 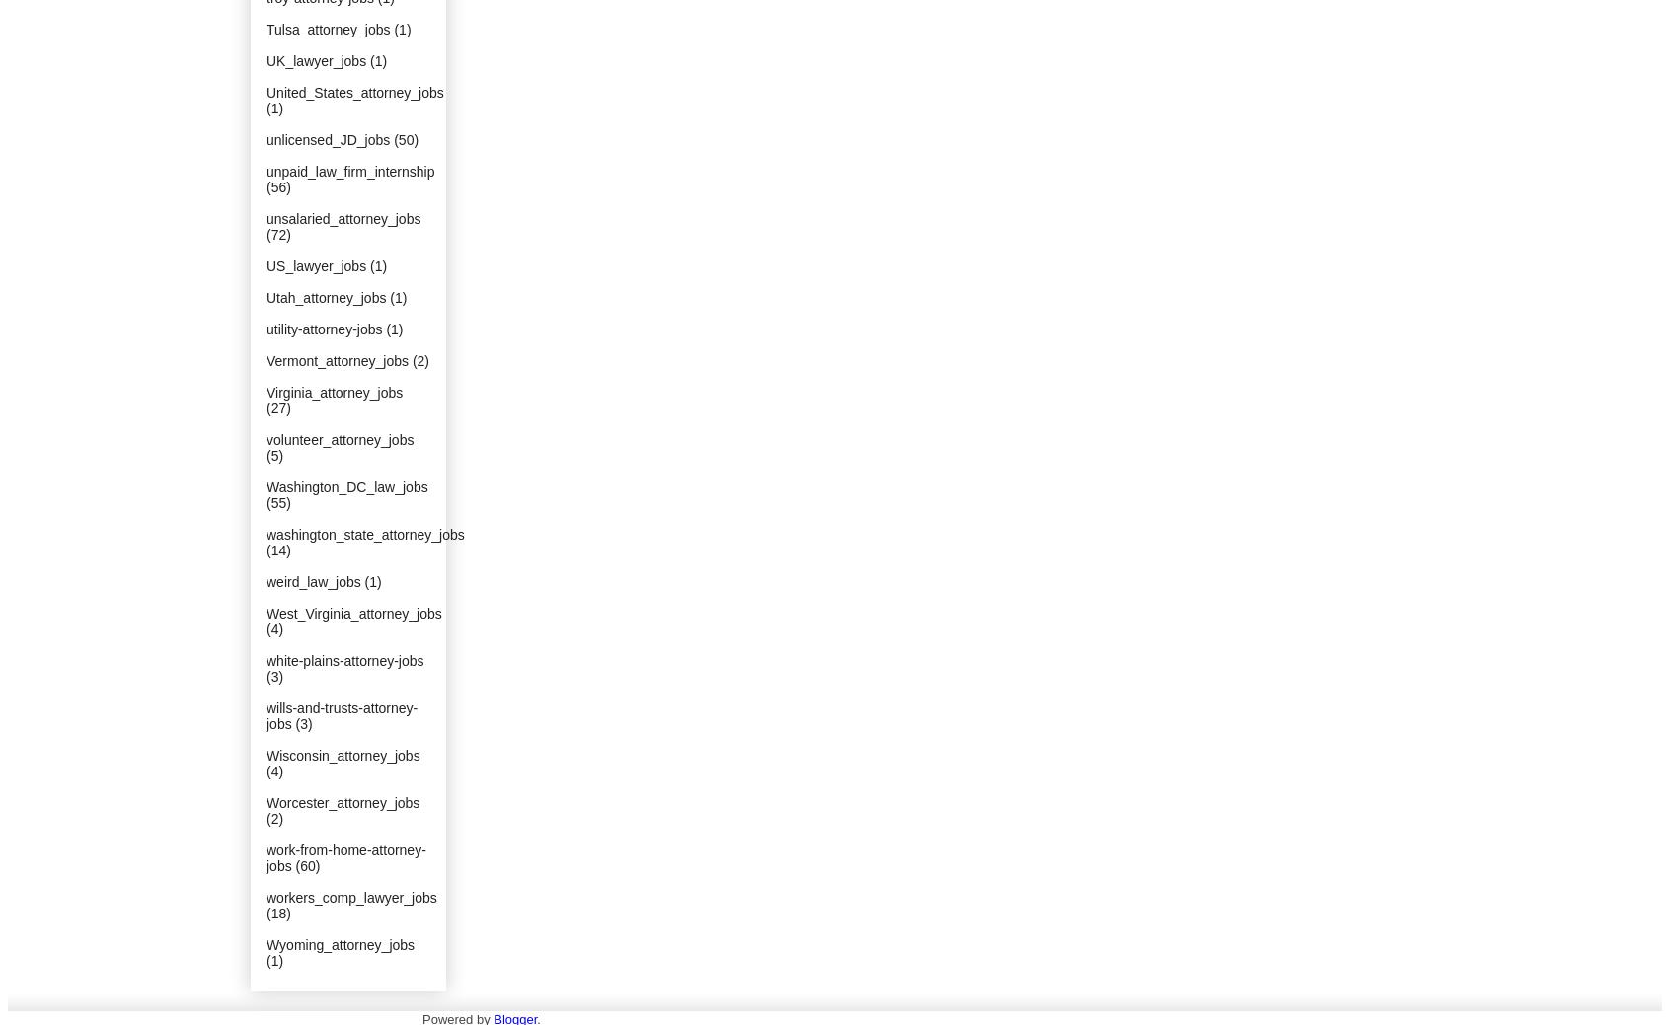 What do you see at coordinates (295, 865) in the screenshot?
I see `'(60)'` at bounding box center [295, 865].